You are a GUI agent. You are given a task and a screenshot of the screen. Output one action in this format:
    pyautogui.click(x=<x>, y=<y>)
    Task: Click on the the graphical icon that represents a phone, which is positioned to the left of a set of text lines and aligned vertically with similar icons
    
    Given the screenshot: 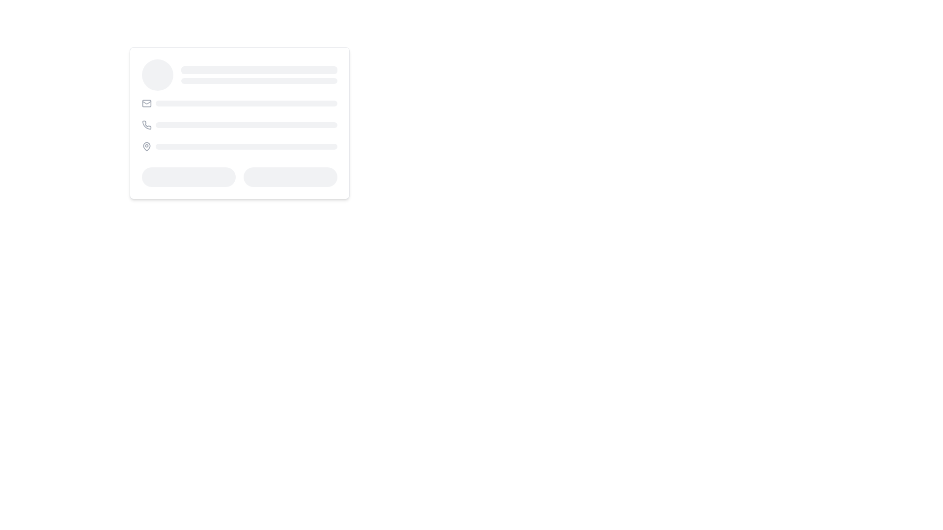 What is the action you would take?
    pyautogui.click(x=146, y=124)
    